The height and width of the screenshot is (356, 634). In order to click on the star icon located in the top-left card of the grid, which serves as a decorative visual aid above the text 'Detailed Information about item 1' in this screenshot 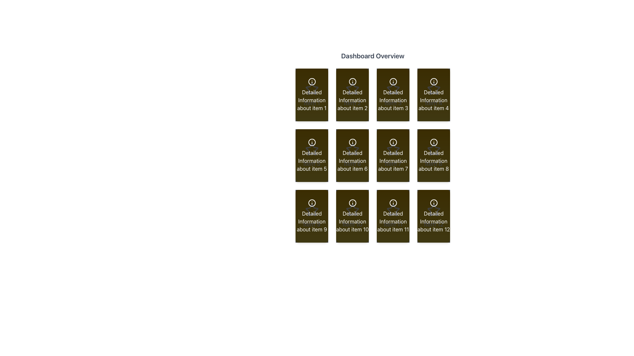, I will do `click(311, 88)`.